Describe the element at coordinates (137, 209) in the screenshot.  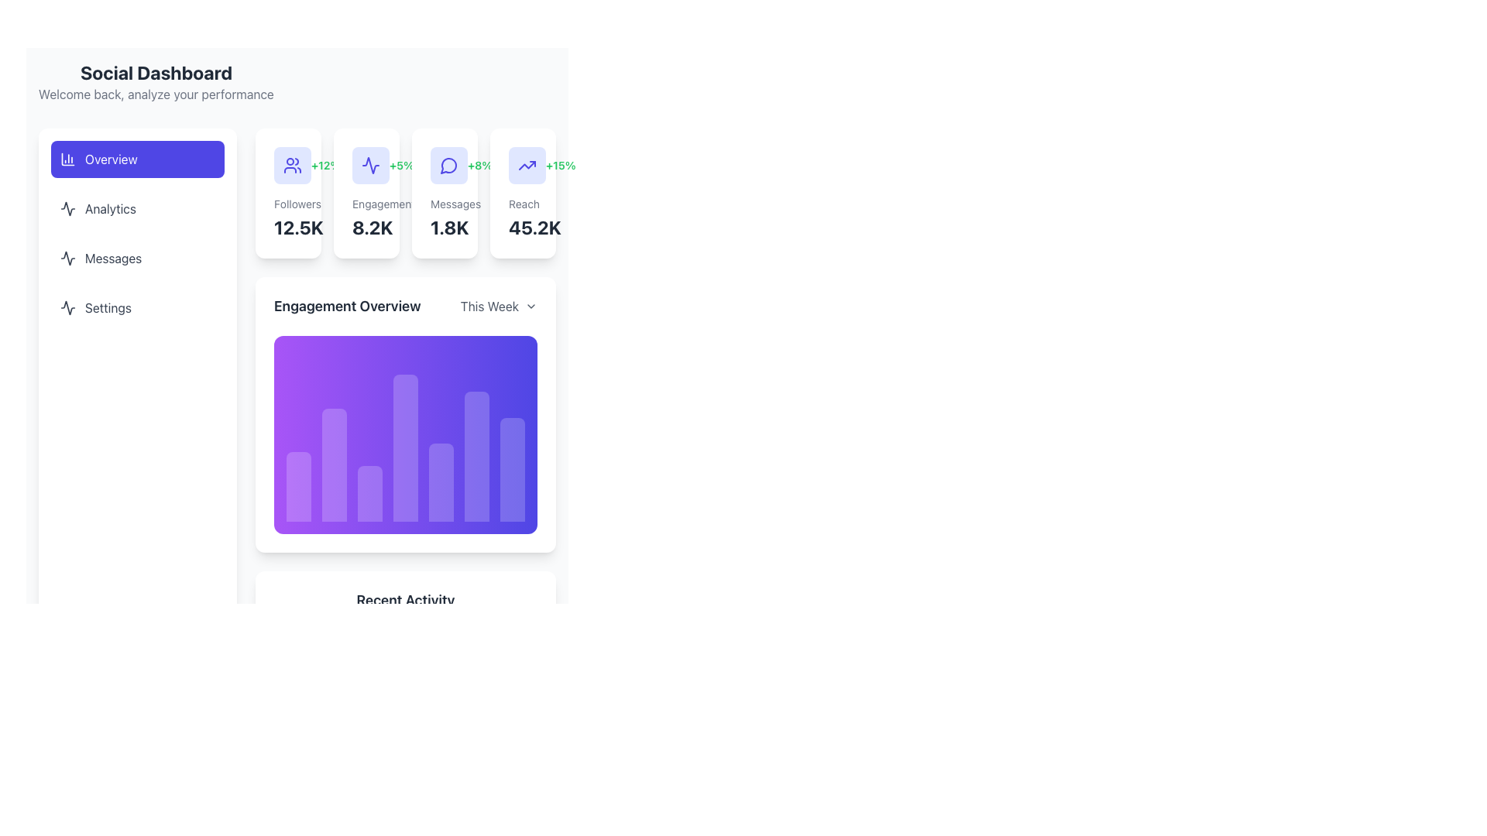
I see `the 'Analytics' menu item located in the vertical navigation menu, which is the second item below 'Overview' and above 'Messages'` at that location.